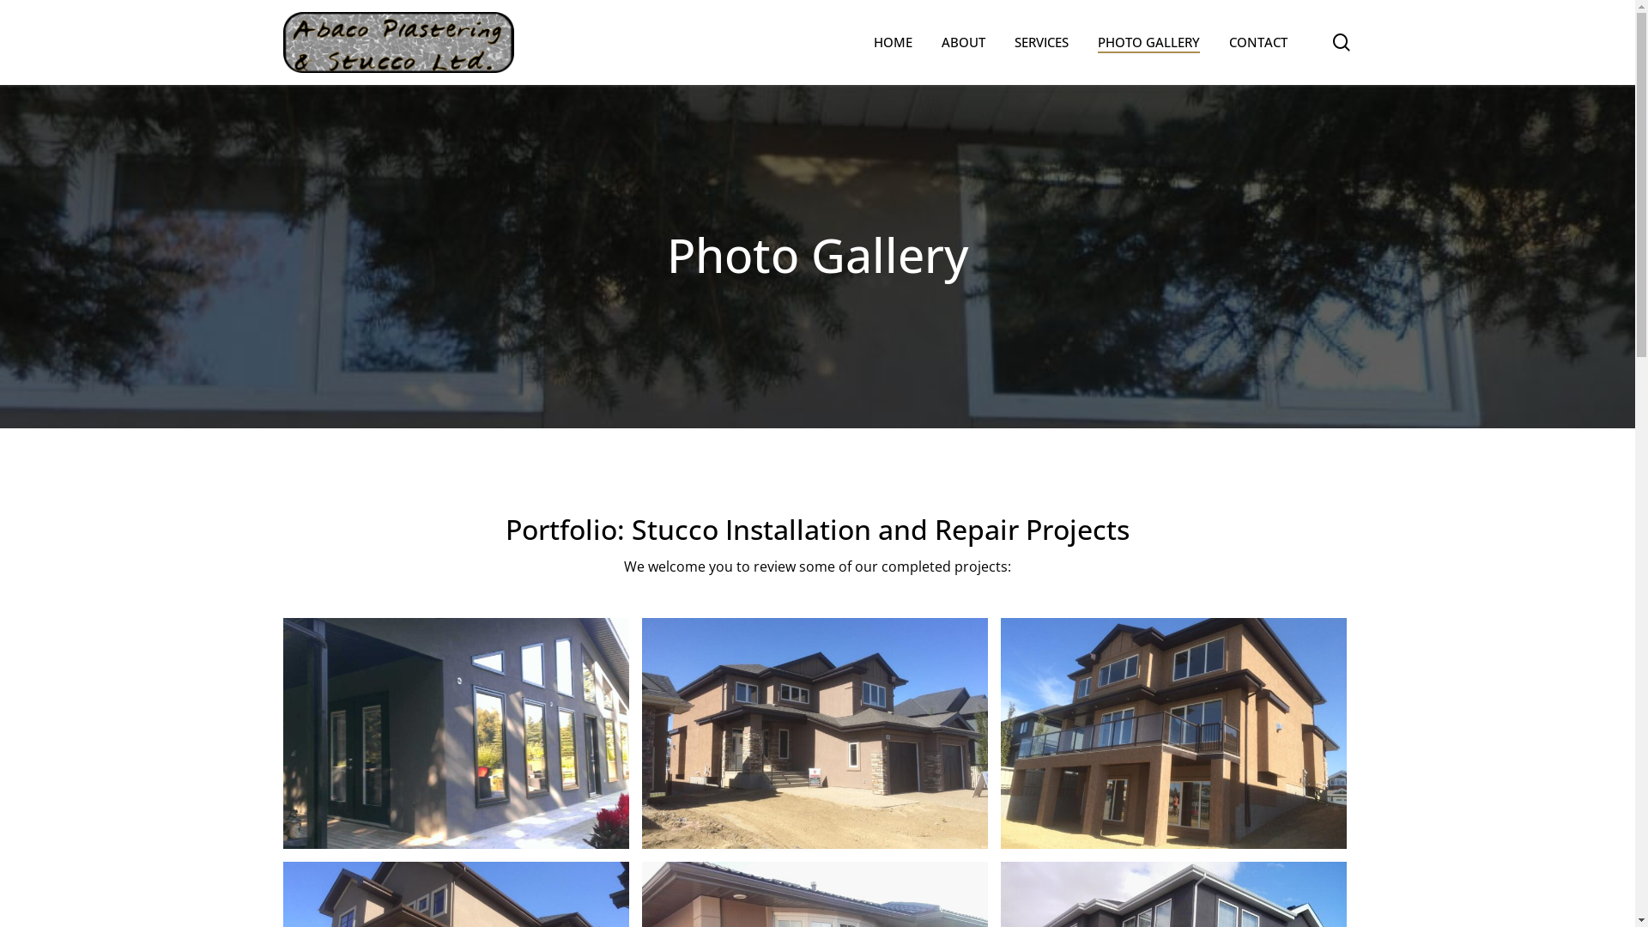  What do you see at coordinates (1257, 41) in the screenshot?
I see `'CONTACT'` at bounding box center [1257, 41].